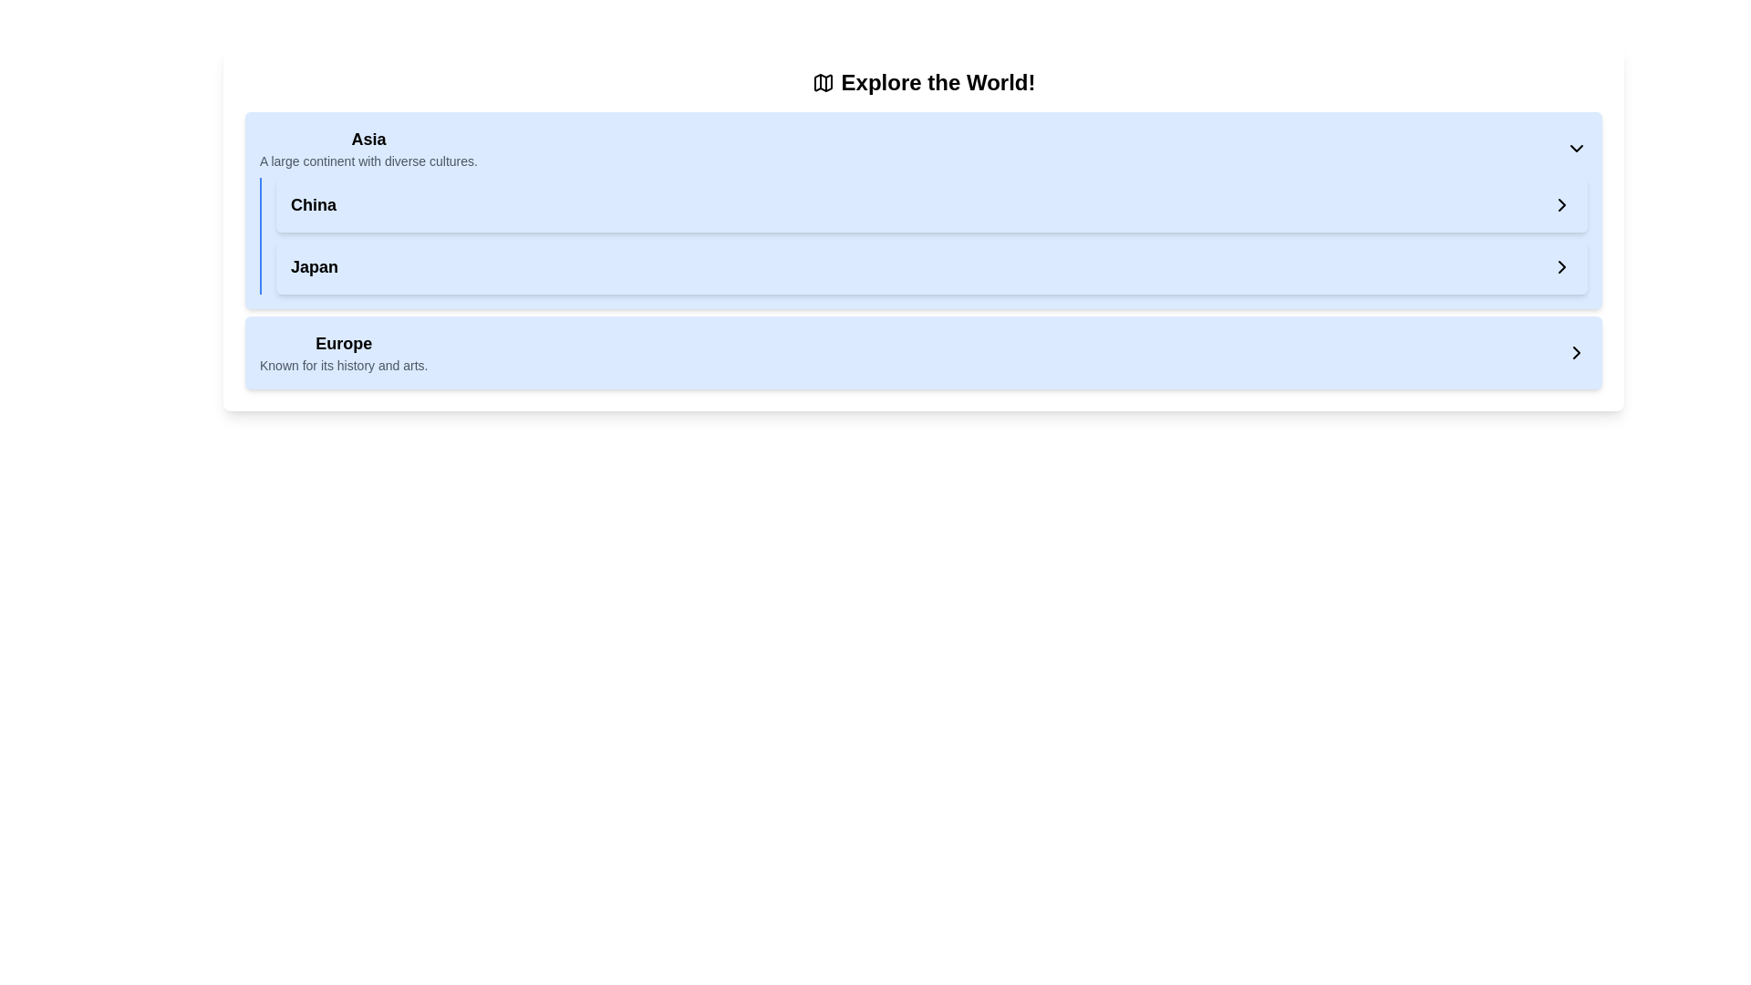 The height and width of the screenshot is (985, 1751). Describe the element at coordinates (923, 83) in the screenshot. I see `the Text Header with Icon that serves as the title for the content below, indicating exploration and world regions` at that location.